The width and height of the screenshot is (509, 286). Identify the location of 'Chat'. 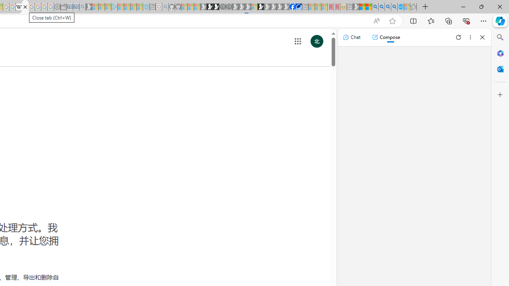
(351, 37).